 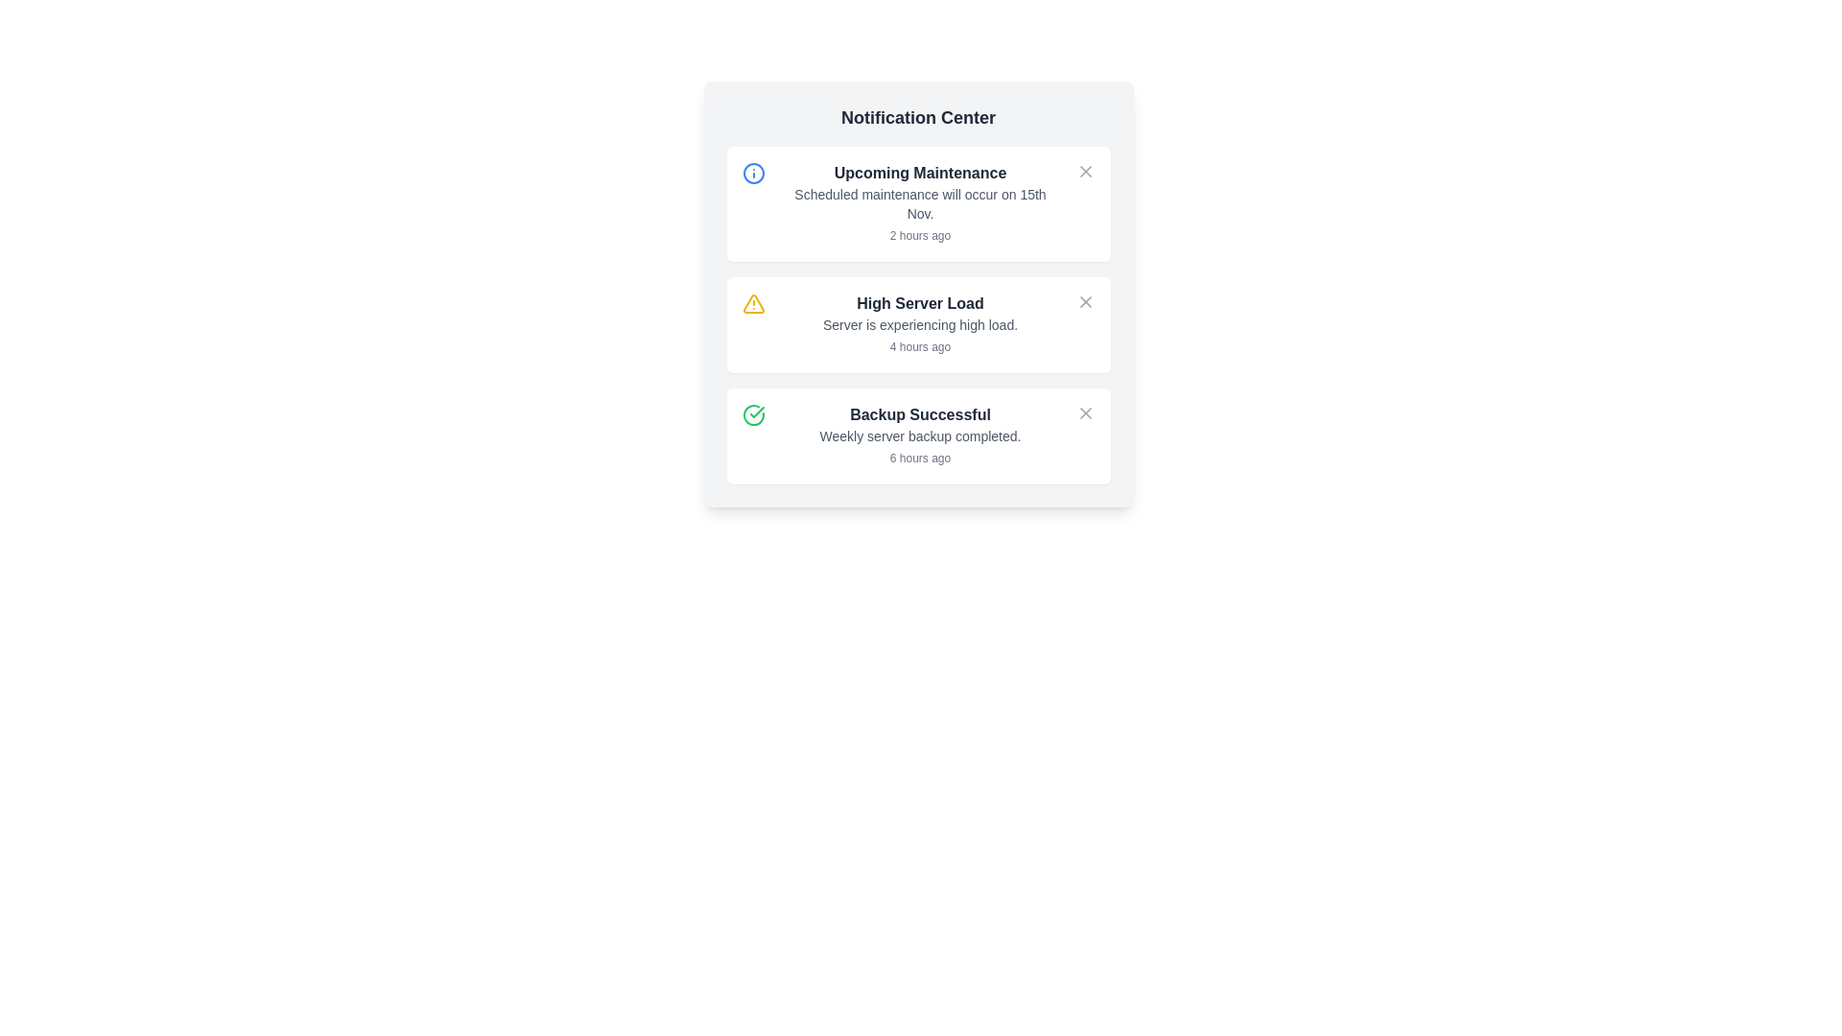 What do you see at coordinates (917, 203) in the screenshot?
I see `assistive technology` at bounding box center [917, 203].